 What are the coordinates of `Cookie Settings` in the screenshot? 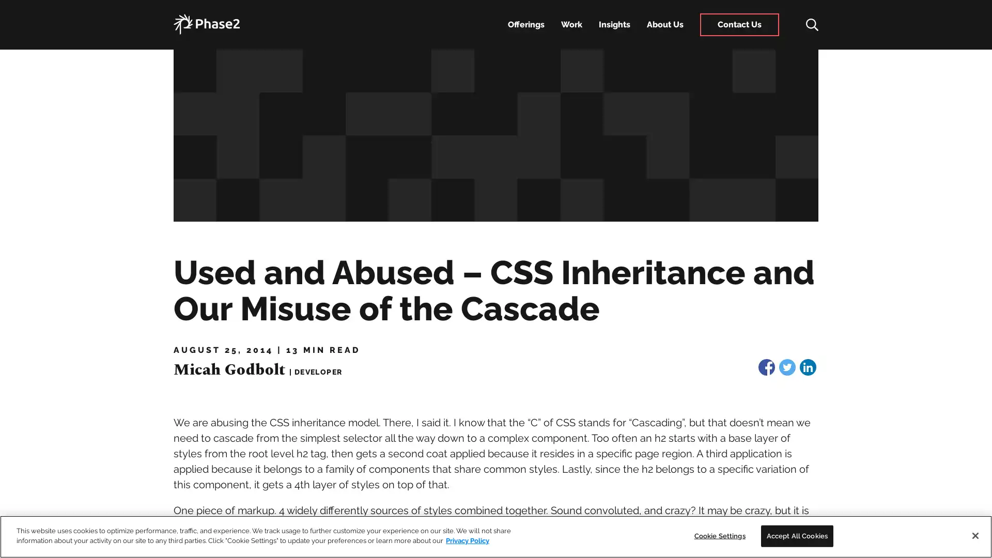 It's located at (719, 535).